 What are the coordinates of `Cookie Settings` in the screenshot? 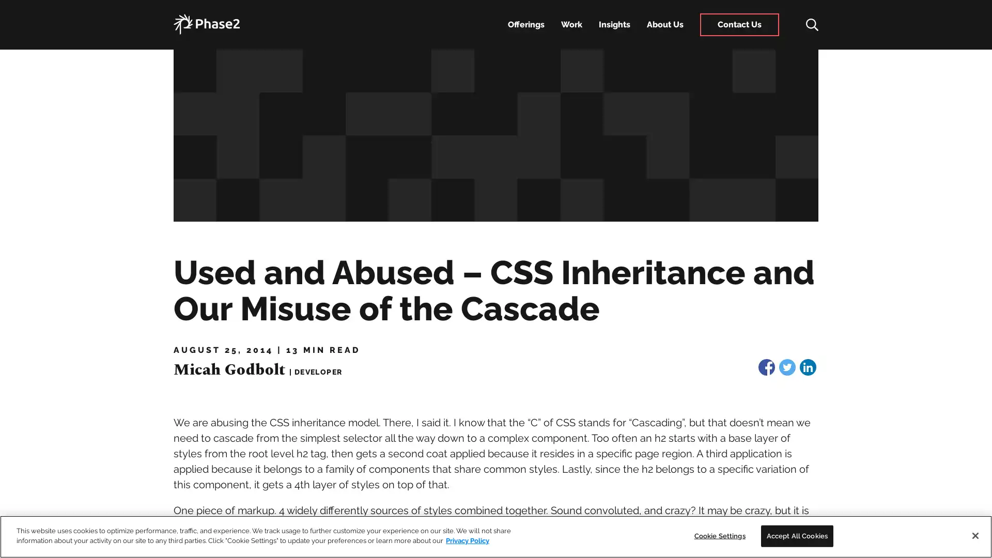 It's located at (719, 535).